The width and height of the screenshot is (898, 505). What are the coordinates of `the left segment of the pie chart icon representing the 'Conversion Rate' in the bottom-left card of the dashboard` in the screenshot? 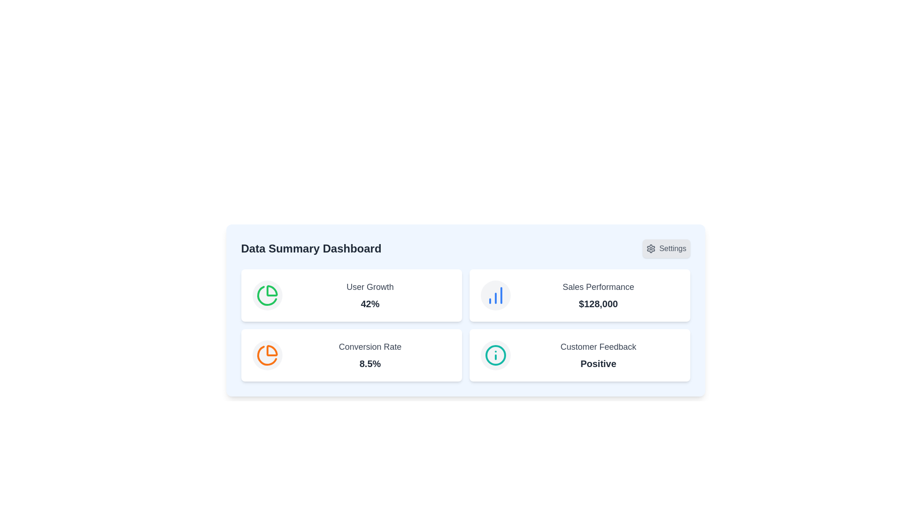 It's located at (271, 351).